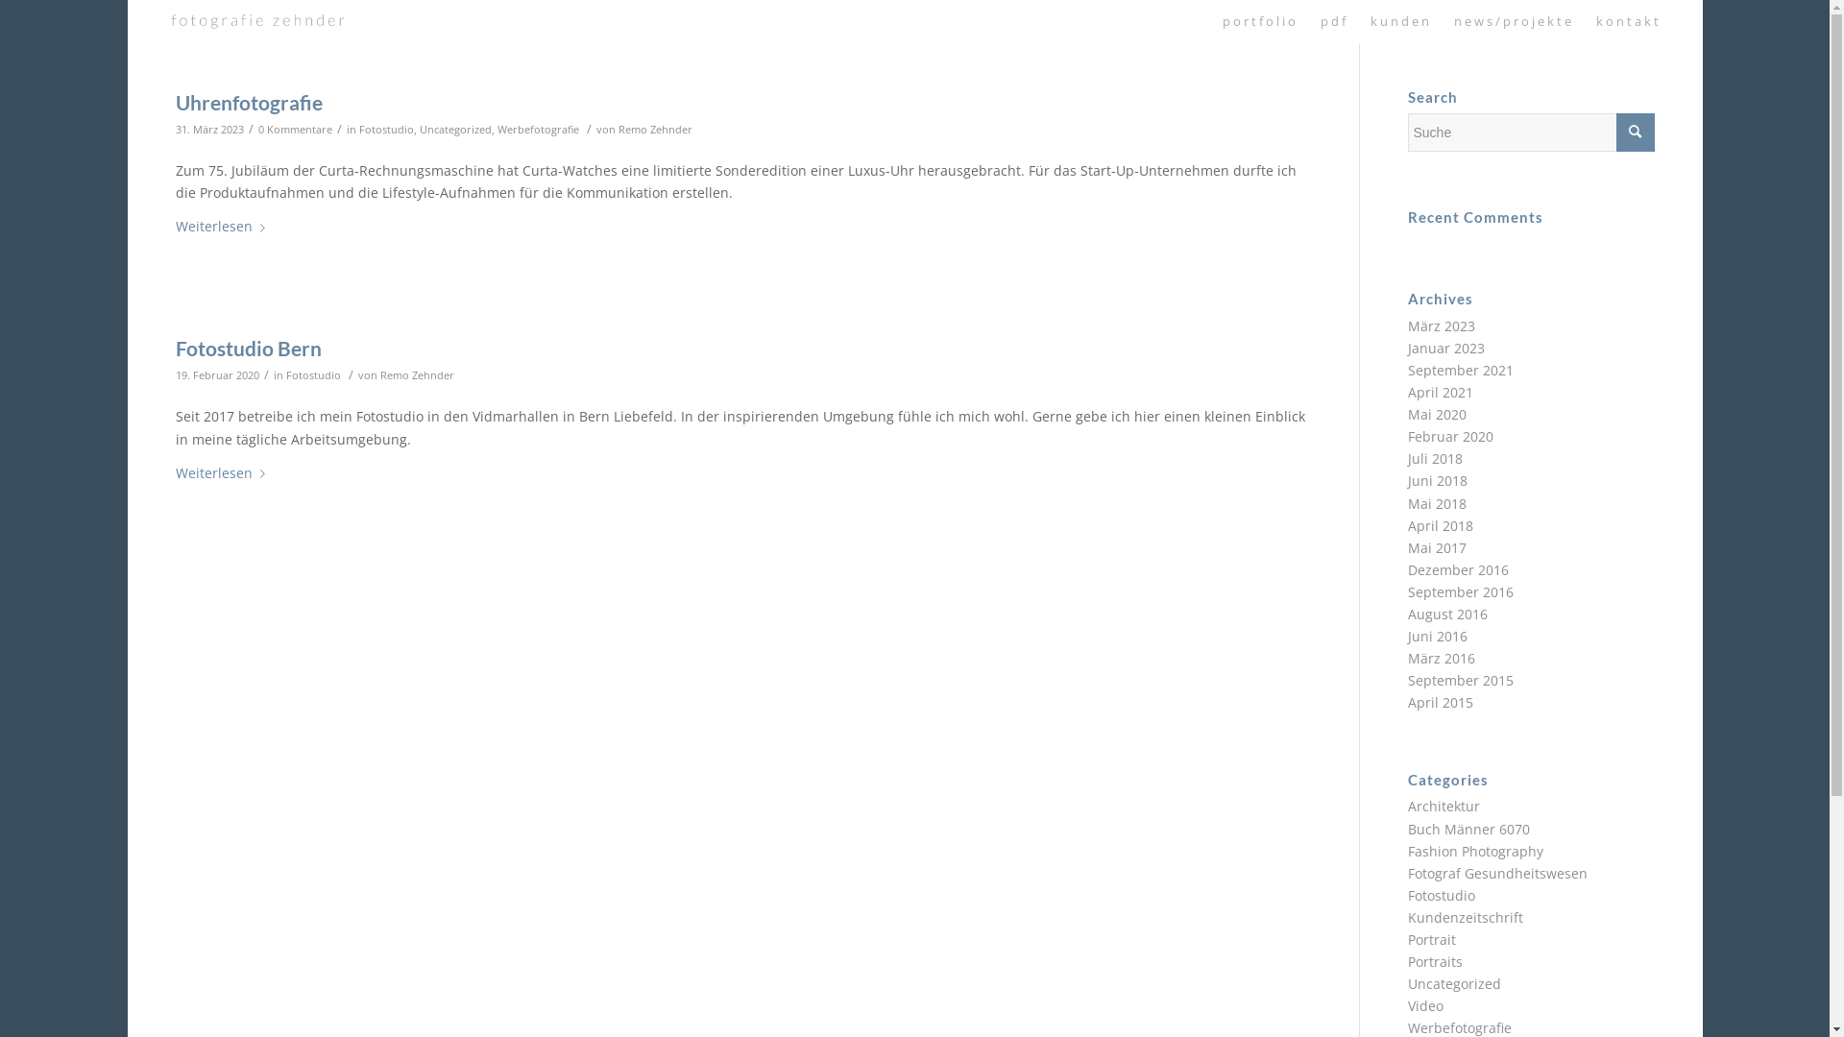 The height and width of the screenshot is (1037, 1844). I want to click on 'Portraits', so click(1407, 961).